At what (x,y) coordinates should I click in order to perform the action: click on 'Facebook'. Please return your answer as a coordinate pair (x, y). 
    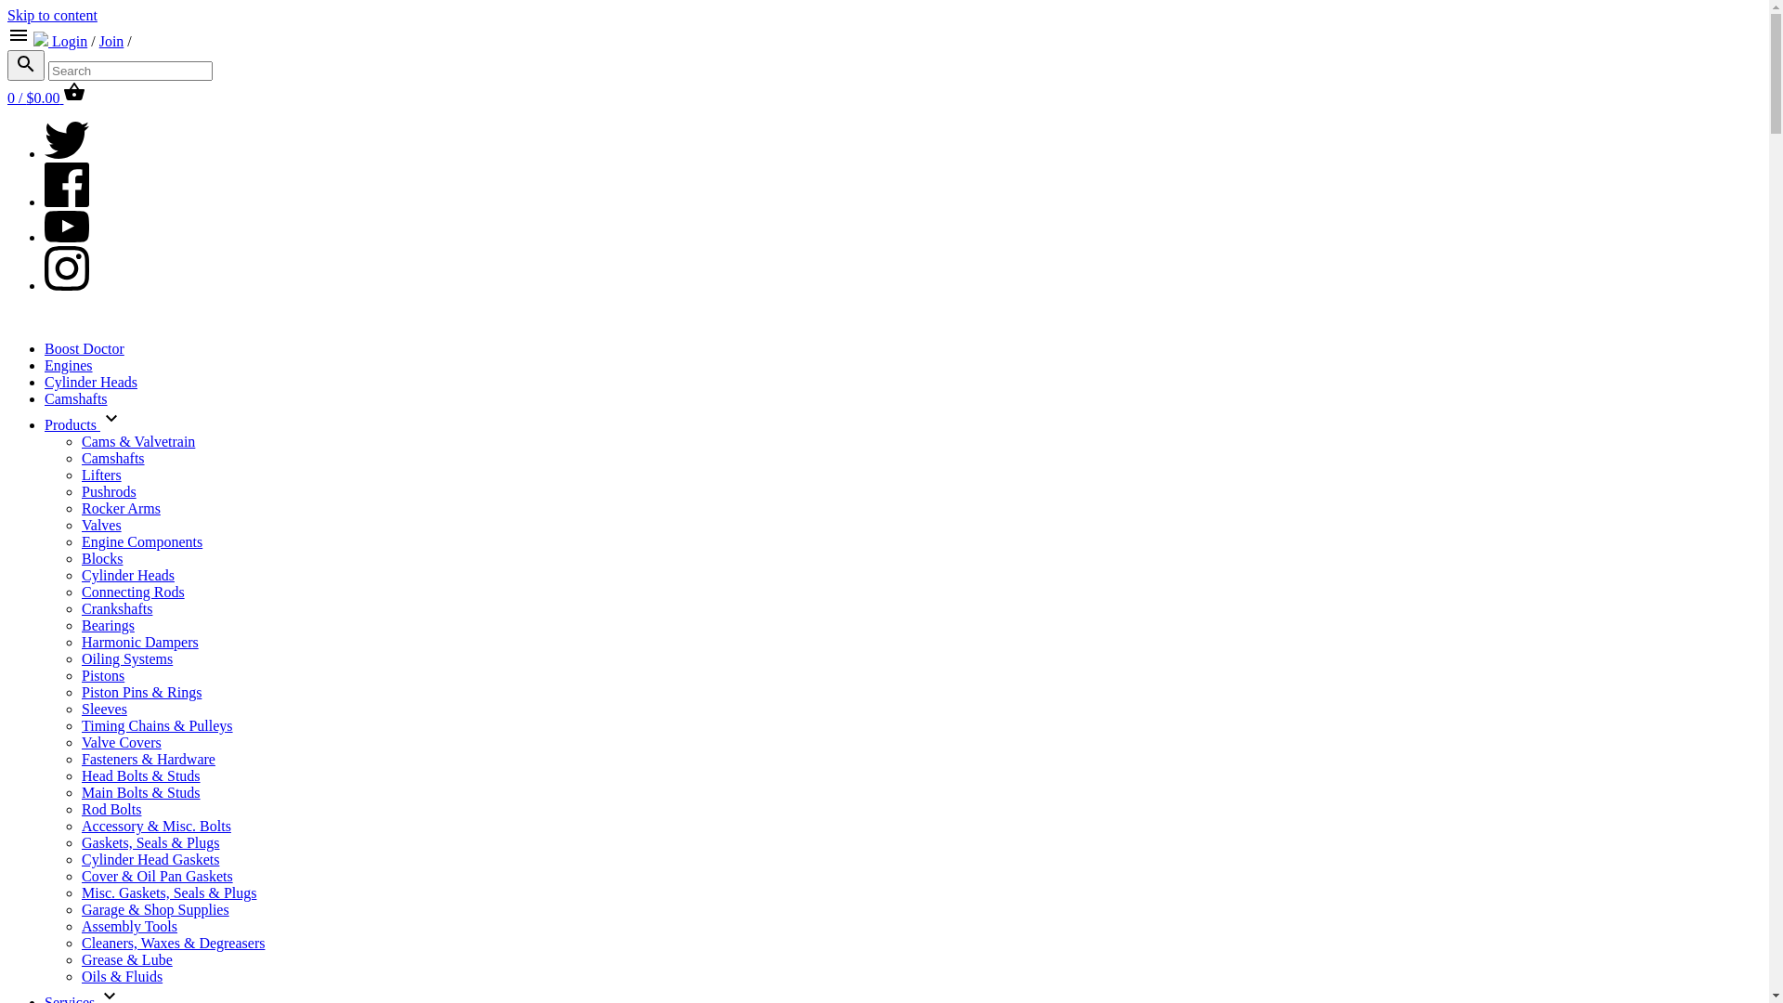
    Looking at the image, I should click on (45, 202).